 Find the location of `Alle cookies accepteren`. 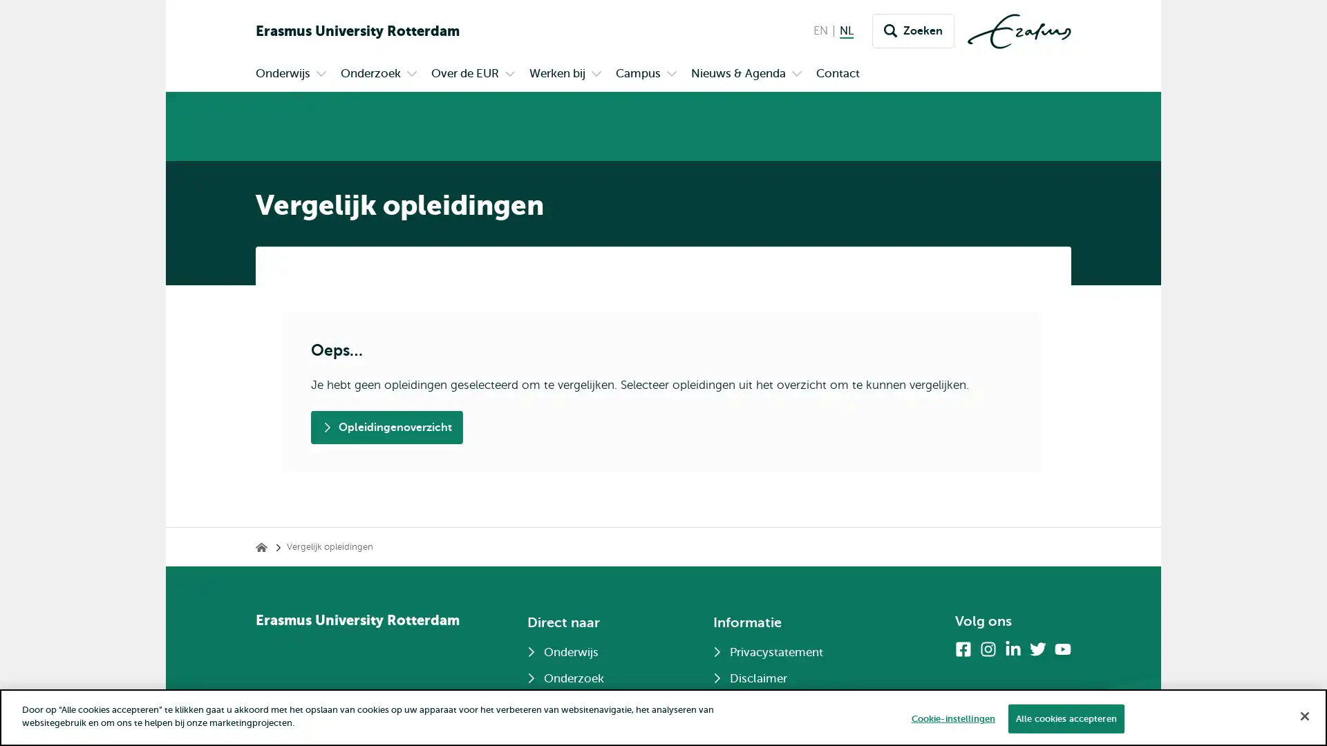

Alle cookies accepteren is located at coordinates (1064, 718).